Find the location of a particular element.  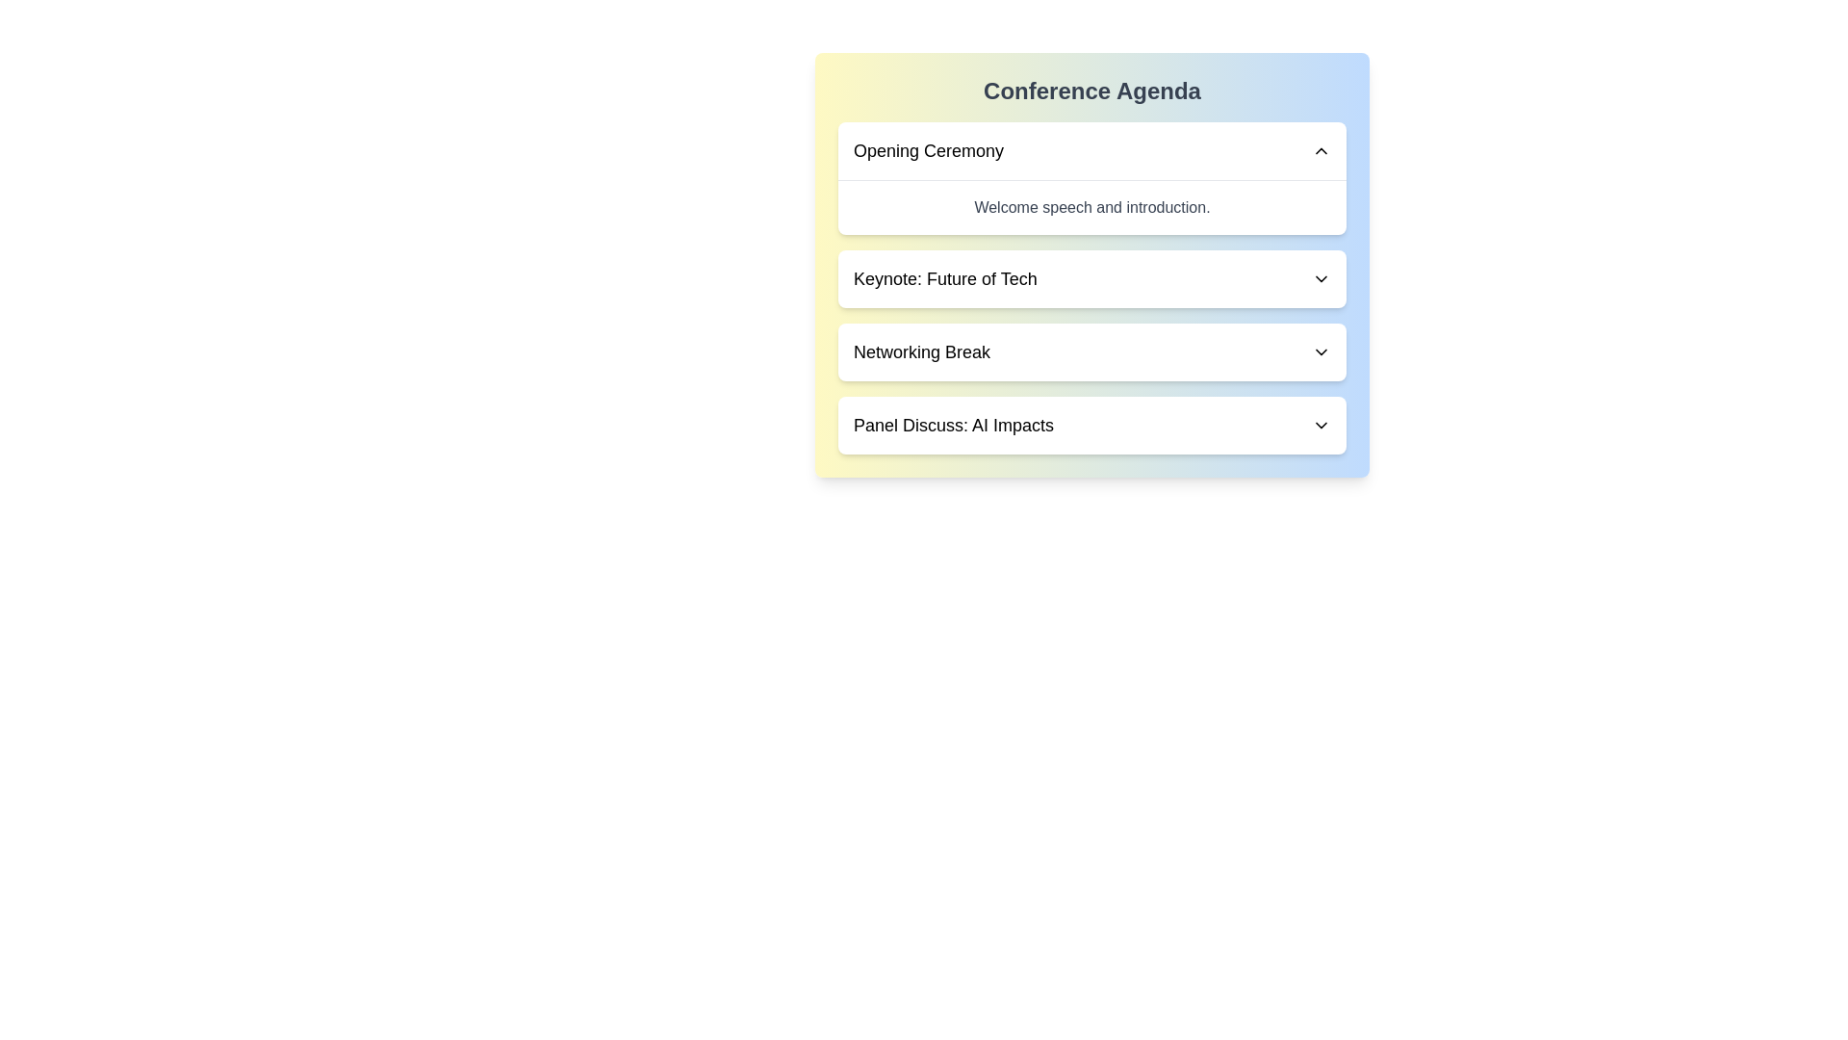

the agenda item title corresponding to Opening Ceremony is located at coordinates (928, 150).